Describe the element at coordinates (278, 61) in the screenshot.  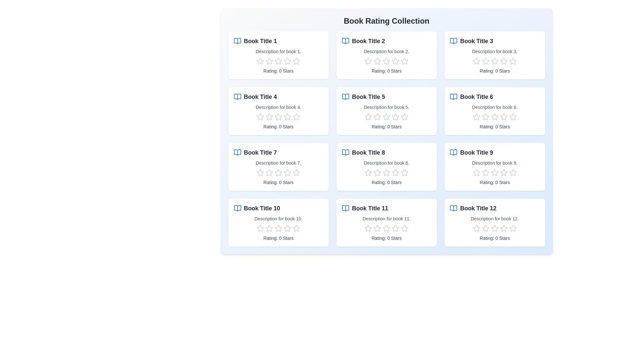
I see `the rating of a book to 3 stars by clicking on the corresponding star in the book's rating section` at that location.